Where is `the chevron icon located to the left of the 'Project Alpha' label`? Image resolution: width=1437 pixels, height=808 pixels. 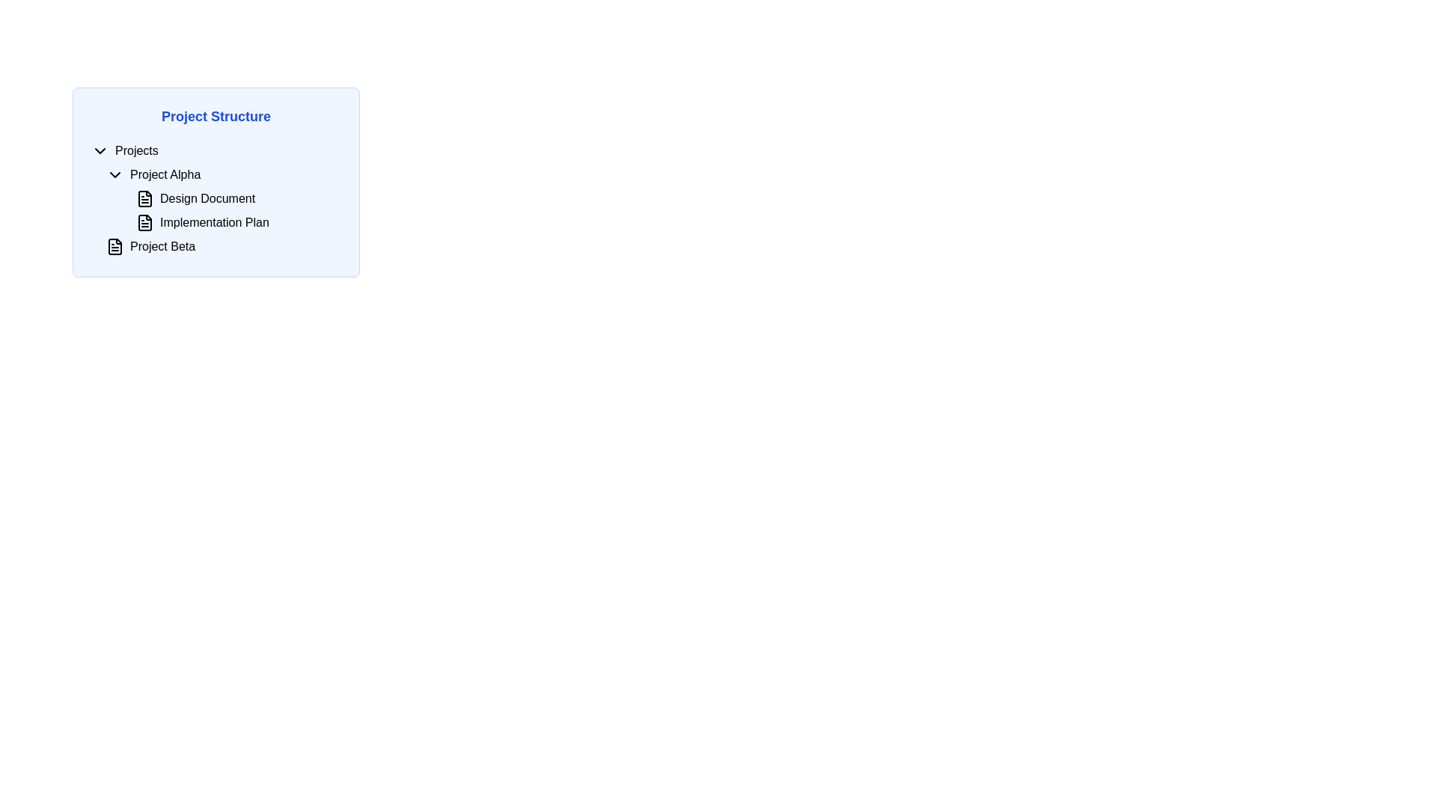 the chevron icon located to the left of the 'Project Alpha' label is located at coordinates (114, 174).